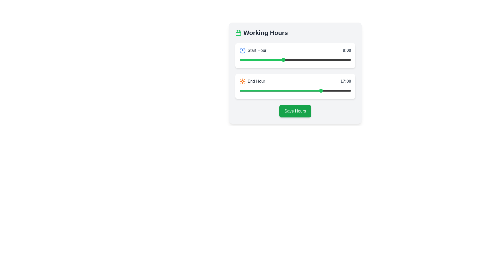 This screenshot has width=497, height=280. I want to click on the end hour, so click(346, 90).